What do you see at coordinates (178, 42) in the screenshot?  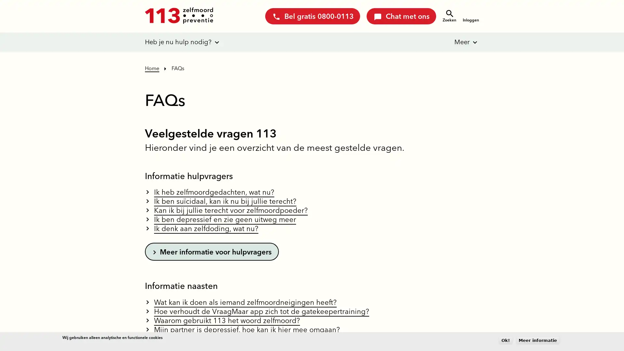 I see `Heb je nu hulp nodig?` at bounding box center [178, 42].